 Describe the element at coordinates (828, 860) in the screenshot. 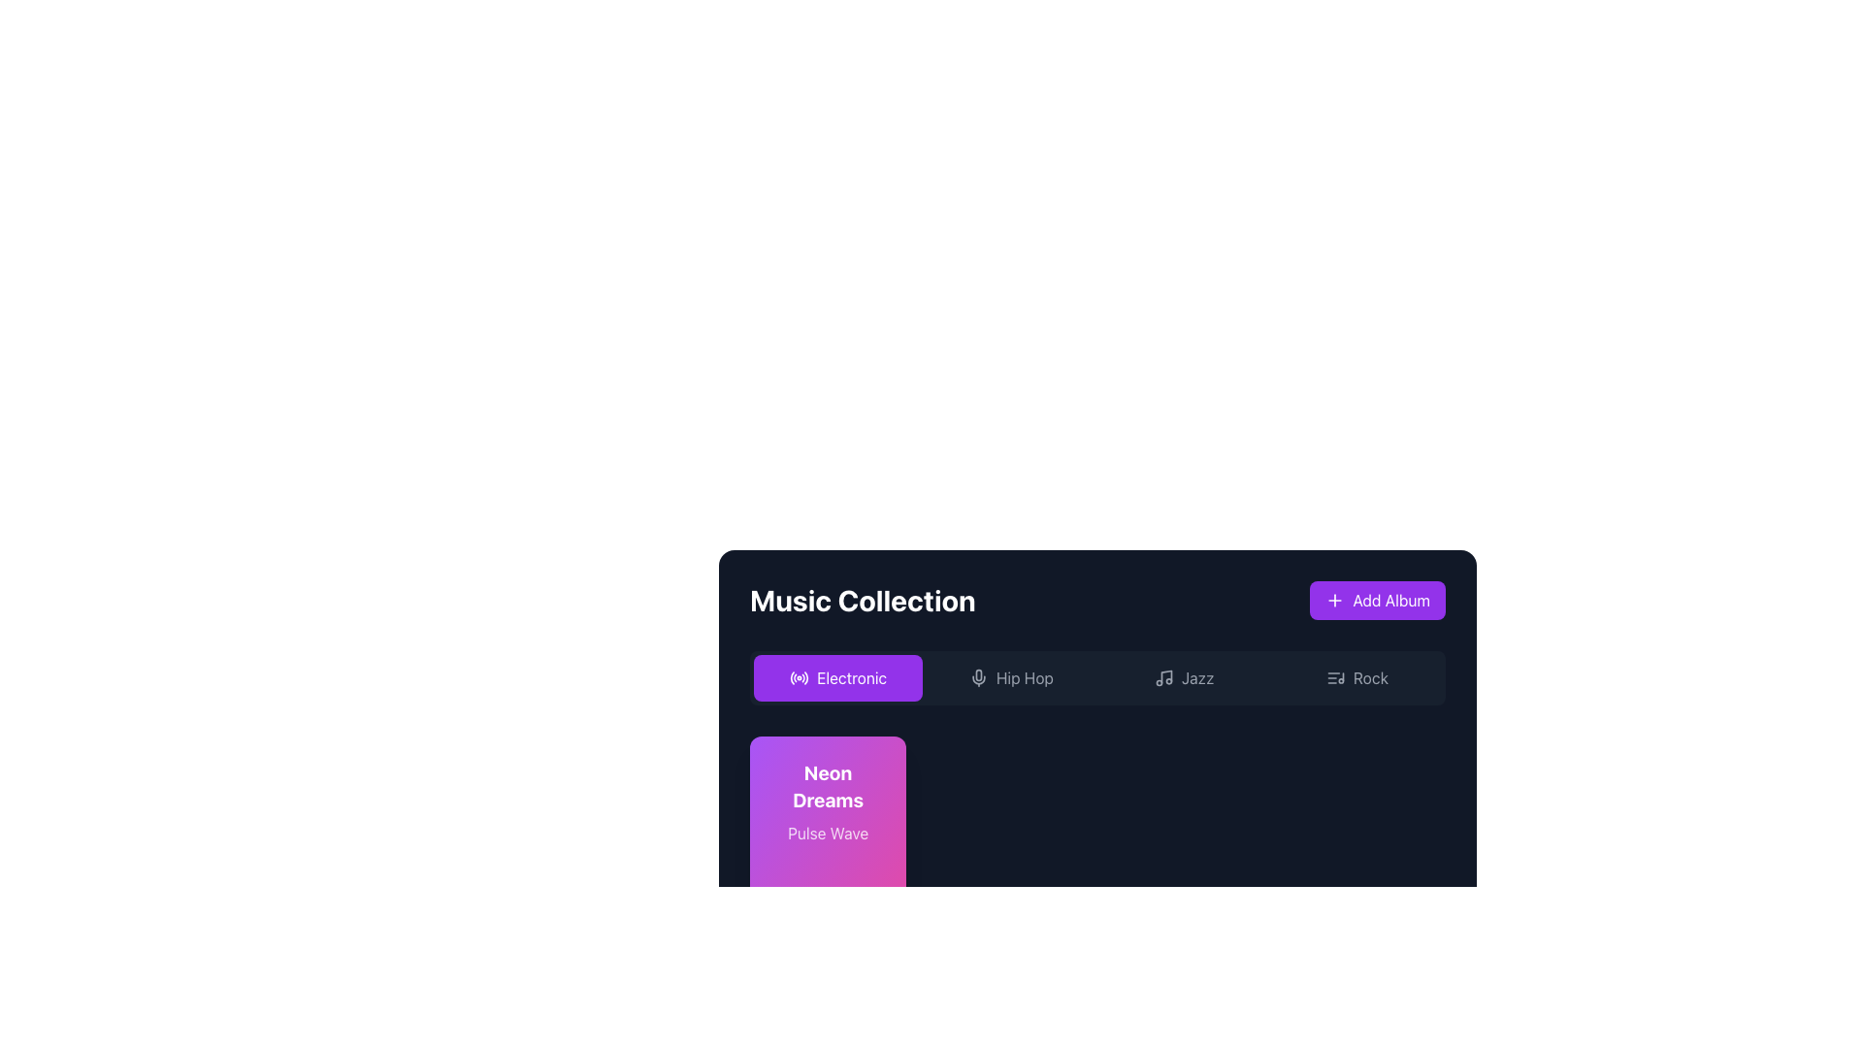

I see `the 'Neon Dreams' selection card located at the top-left corner of the grid layout` at that location.